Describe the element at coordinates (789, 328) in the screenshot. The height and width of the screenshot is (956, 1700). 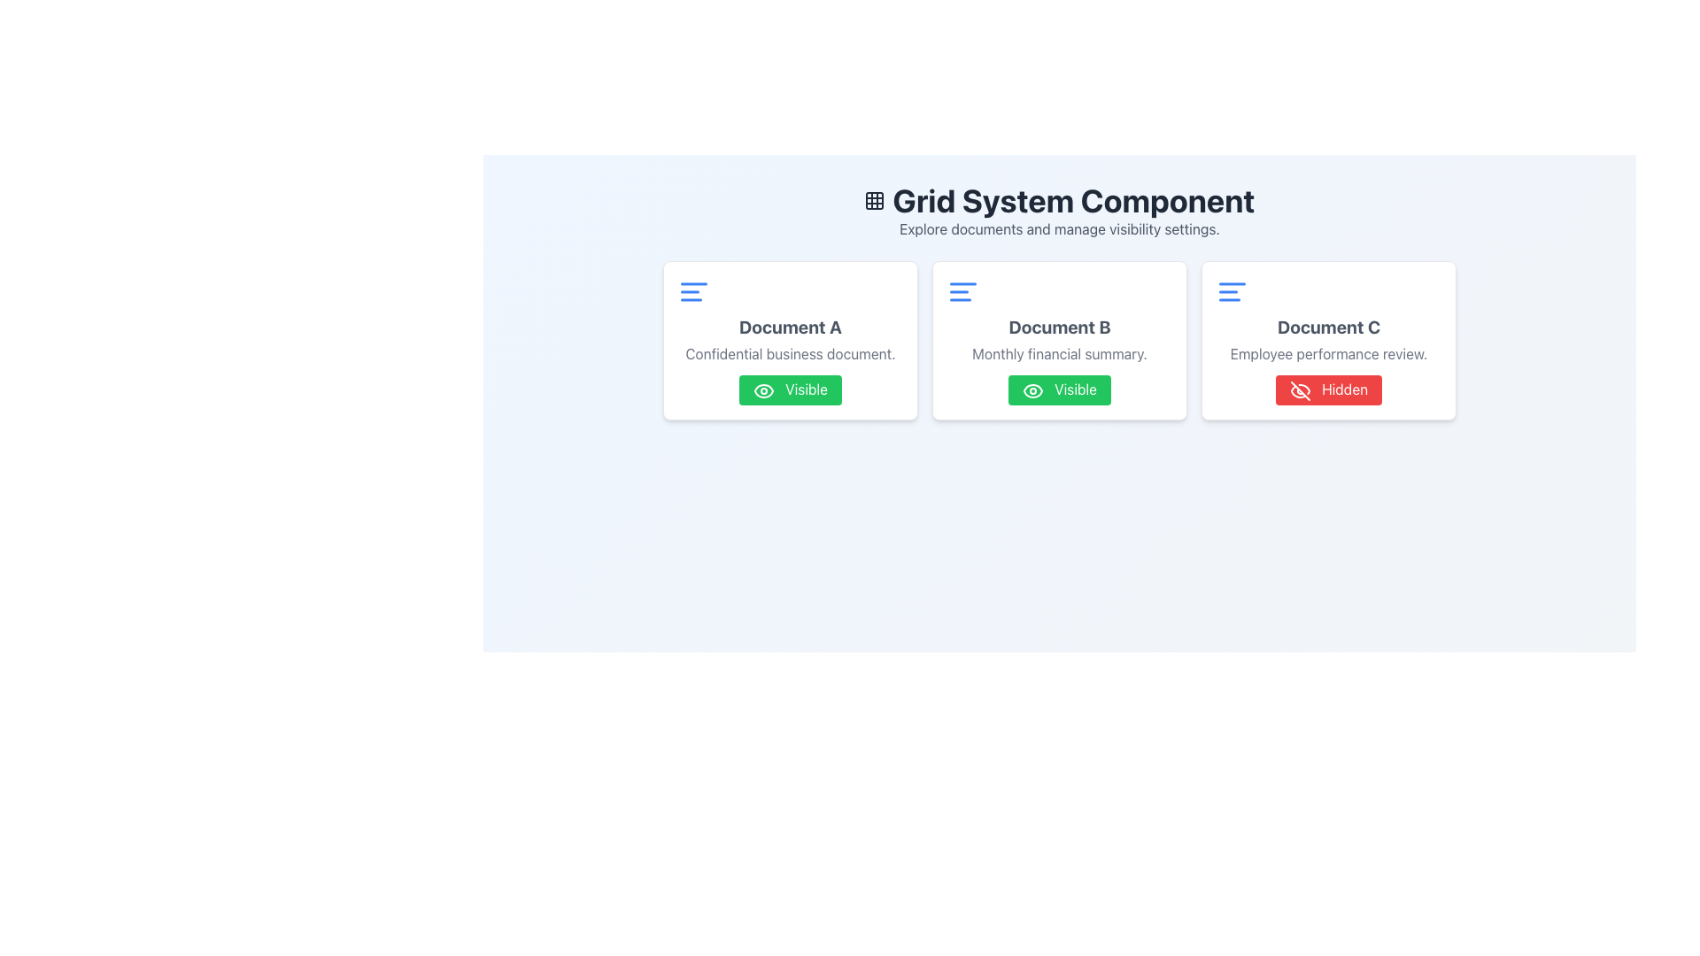
I see `text label indicating 'Document A', which is the header of the first card in the grid layout` at that location.